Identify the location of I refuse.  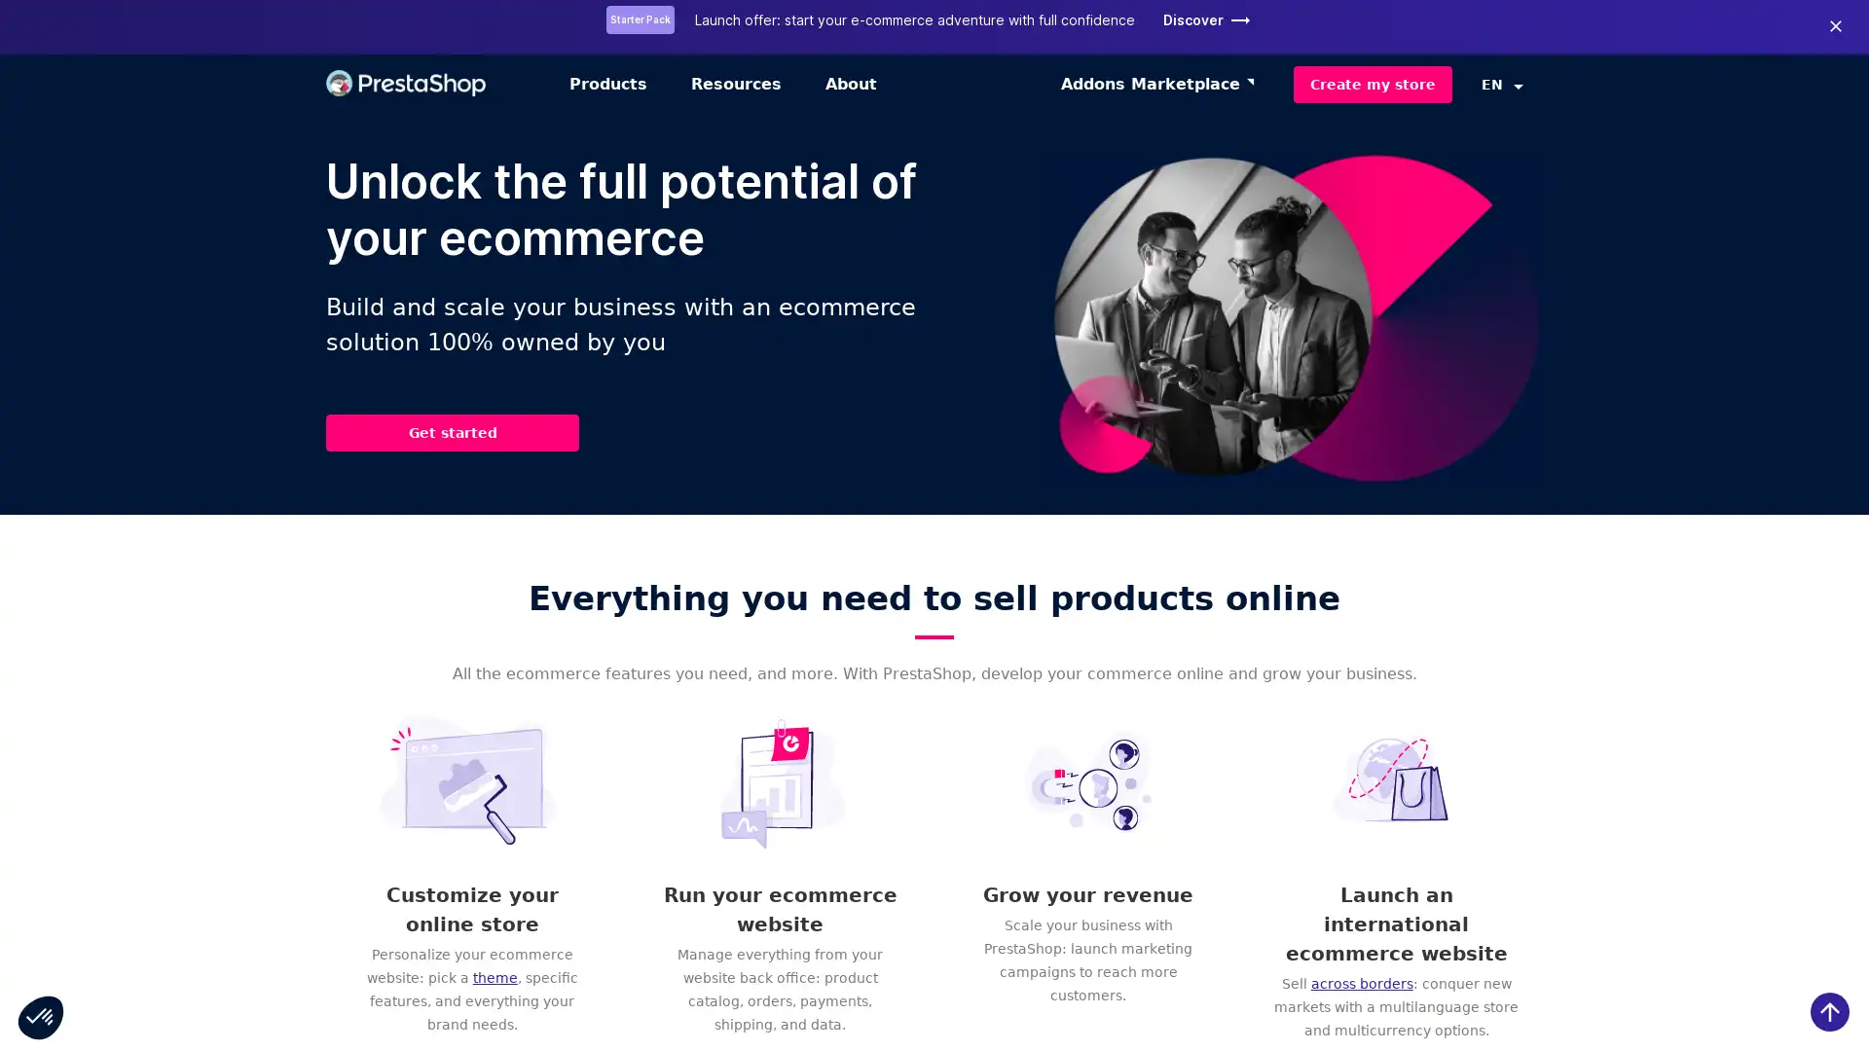
(87, 952).